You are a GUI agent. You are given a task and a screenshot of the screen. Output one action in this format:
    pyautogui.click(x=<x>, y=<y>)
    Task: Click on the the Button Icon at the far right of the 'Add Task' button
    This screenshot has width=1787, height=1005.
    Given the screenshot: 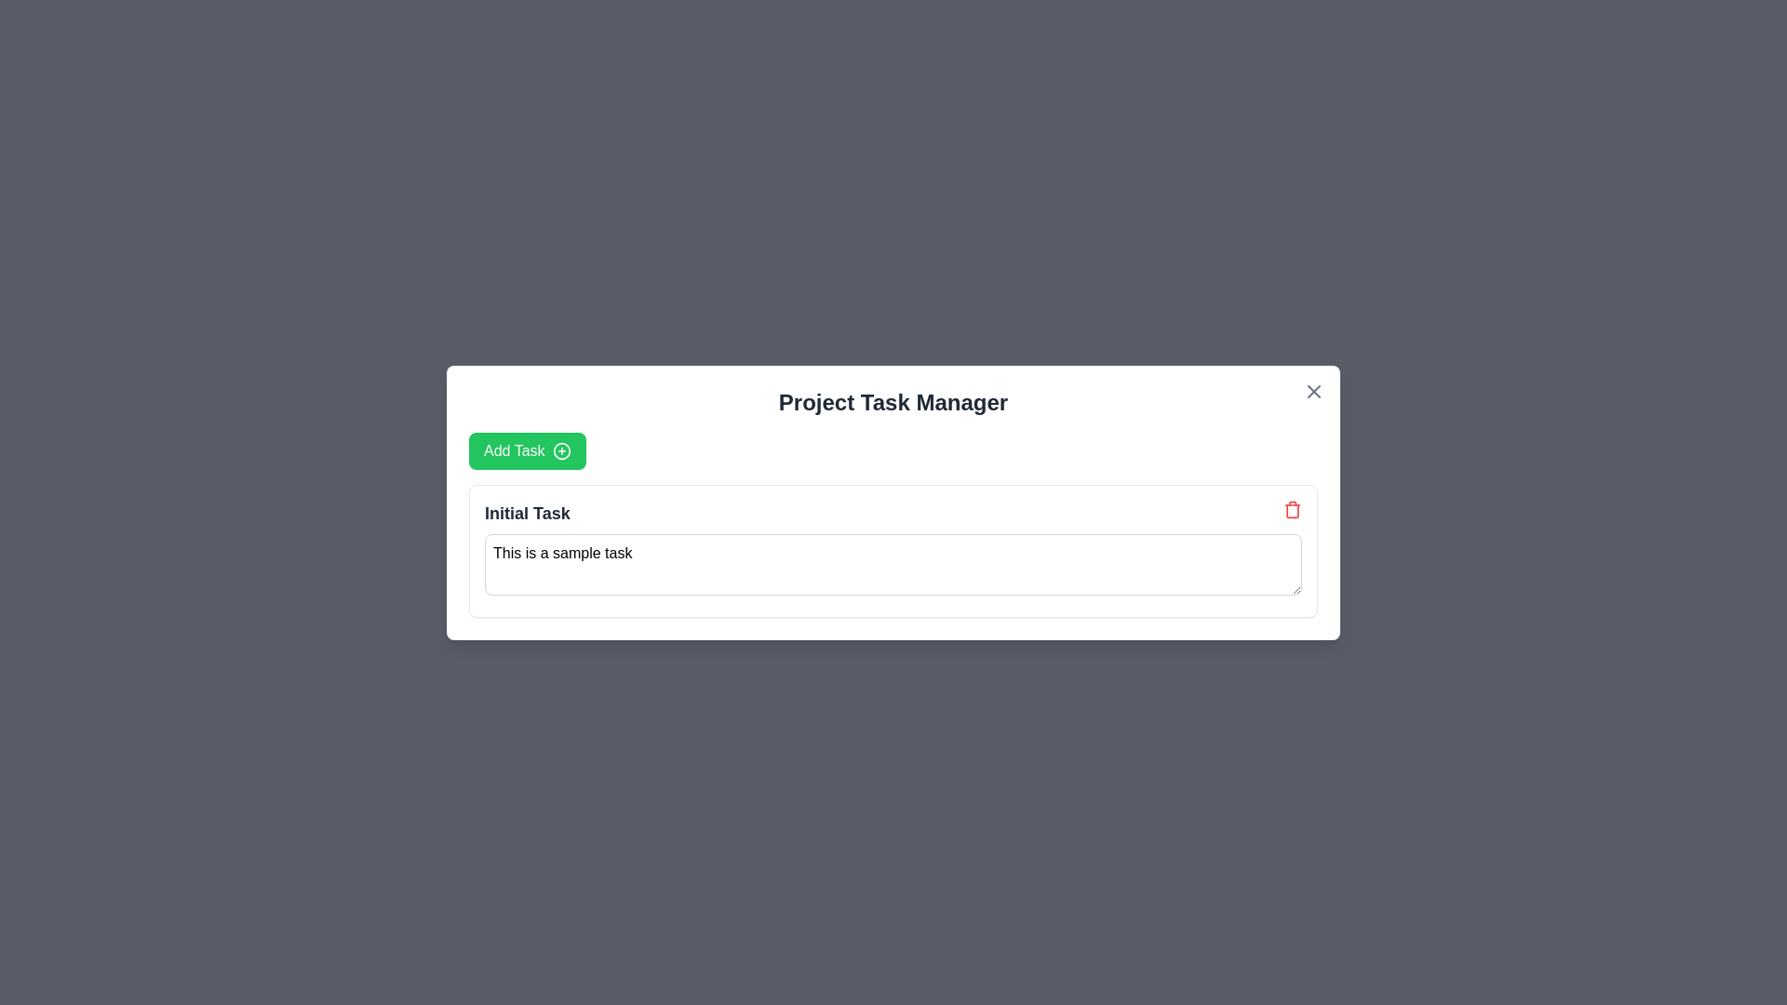 What is the action you would take?
    pyautogui.click(x=560, y=450)
    